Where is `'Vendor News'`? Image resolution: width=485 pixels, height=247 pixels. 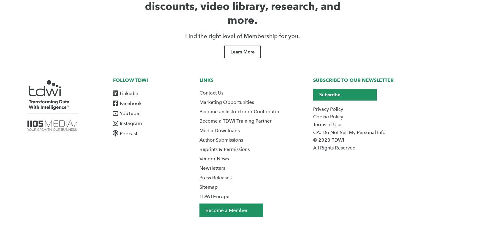 'Vendor News' is located at coordinates (199, 159).